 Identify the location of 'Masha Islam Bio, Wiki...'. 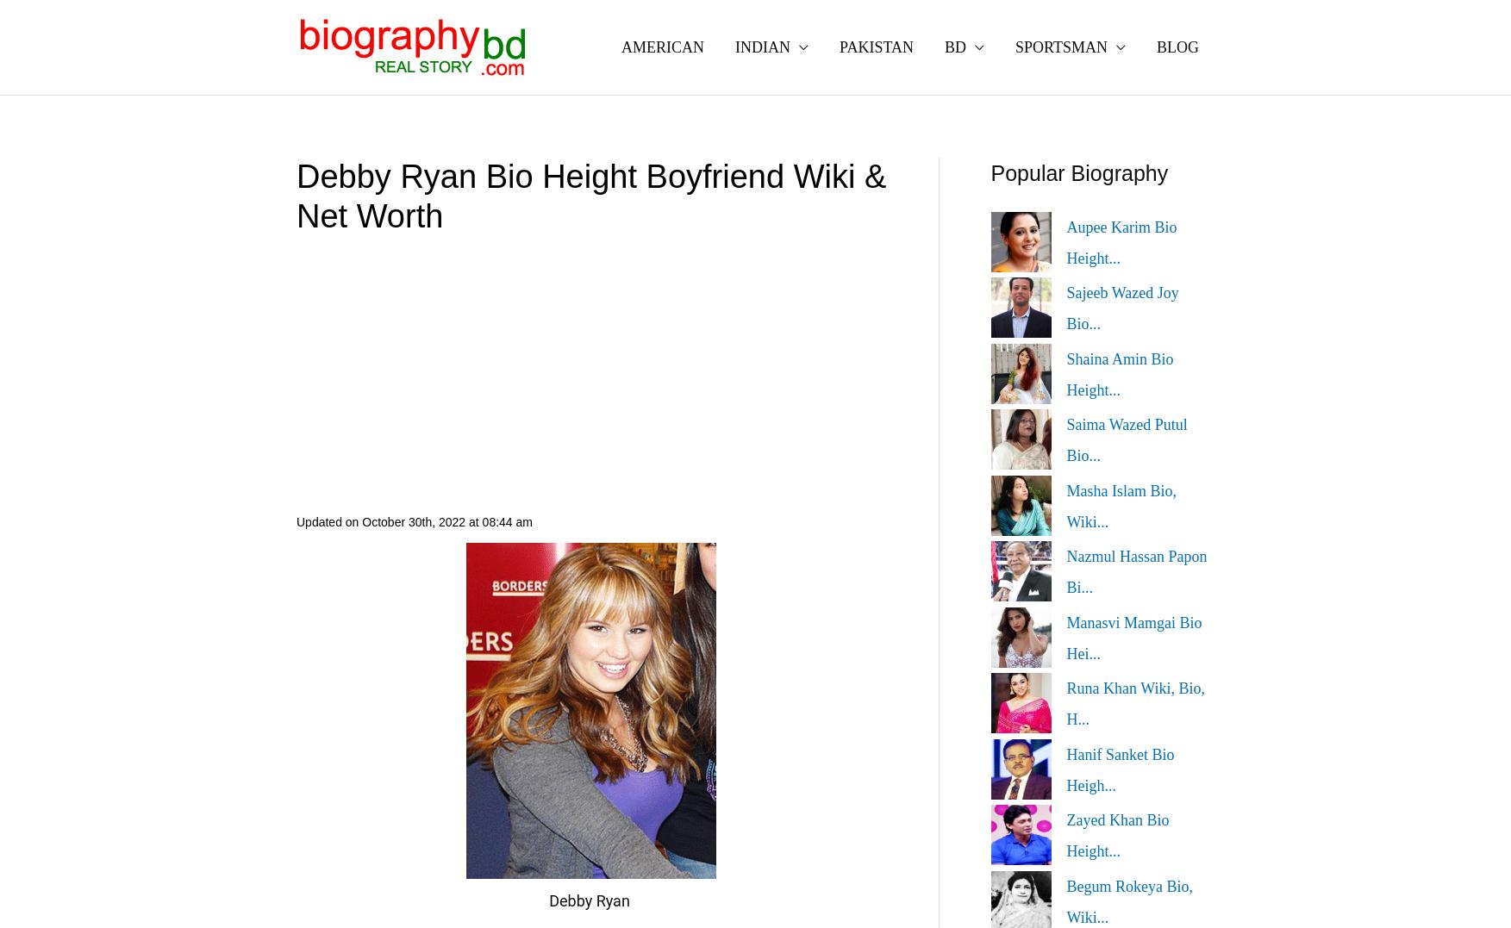
(1121, 504).